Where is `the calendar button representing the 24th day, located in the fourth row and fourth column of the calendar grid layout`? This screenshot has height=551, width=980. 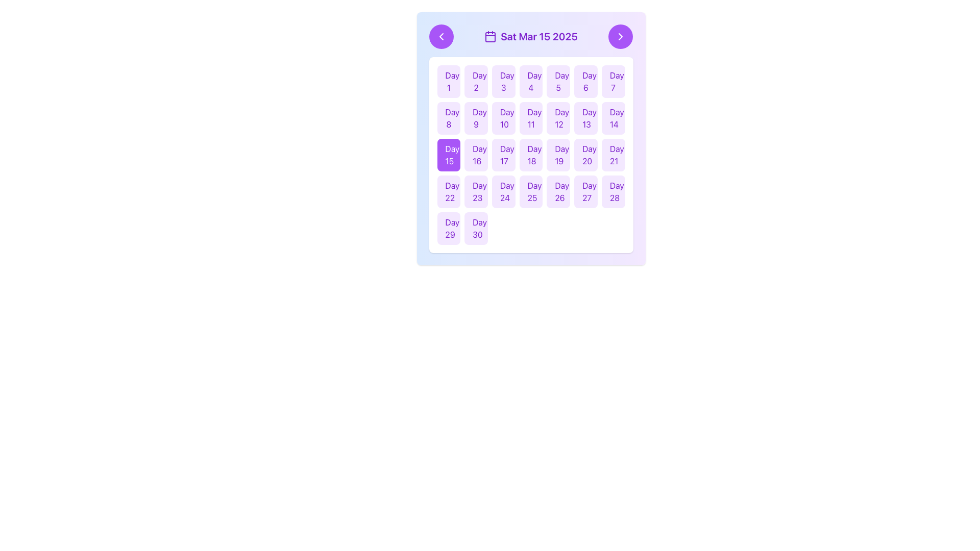 the calendar button representing the 24th day, located in the fourth row and fourth column of the calendar grid layout is located at coordinates (503, 191).